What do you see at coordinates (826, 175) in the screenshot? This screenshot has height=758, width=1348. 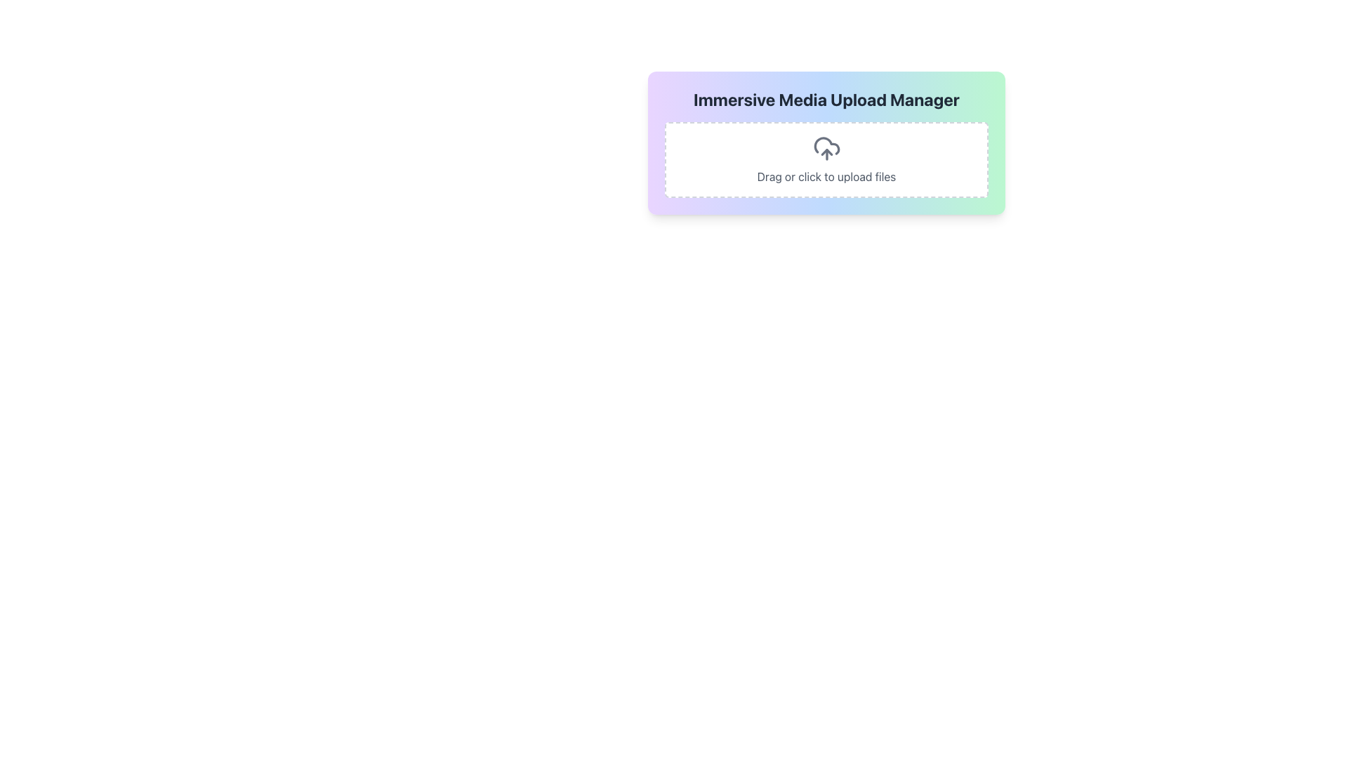 I see `the static text label that provides instructions for file upload, which is located below the cloud upload icon` at bounding box center [826, 175].